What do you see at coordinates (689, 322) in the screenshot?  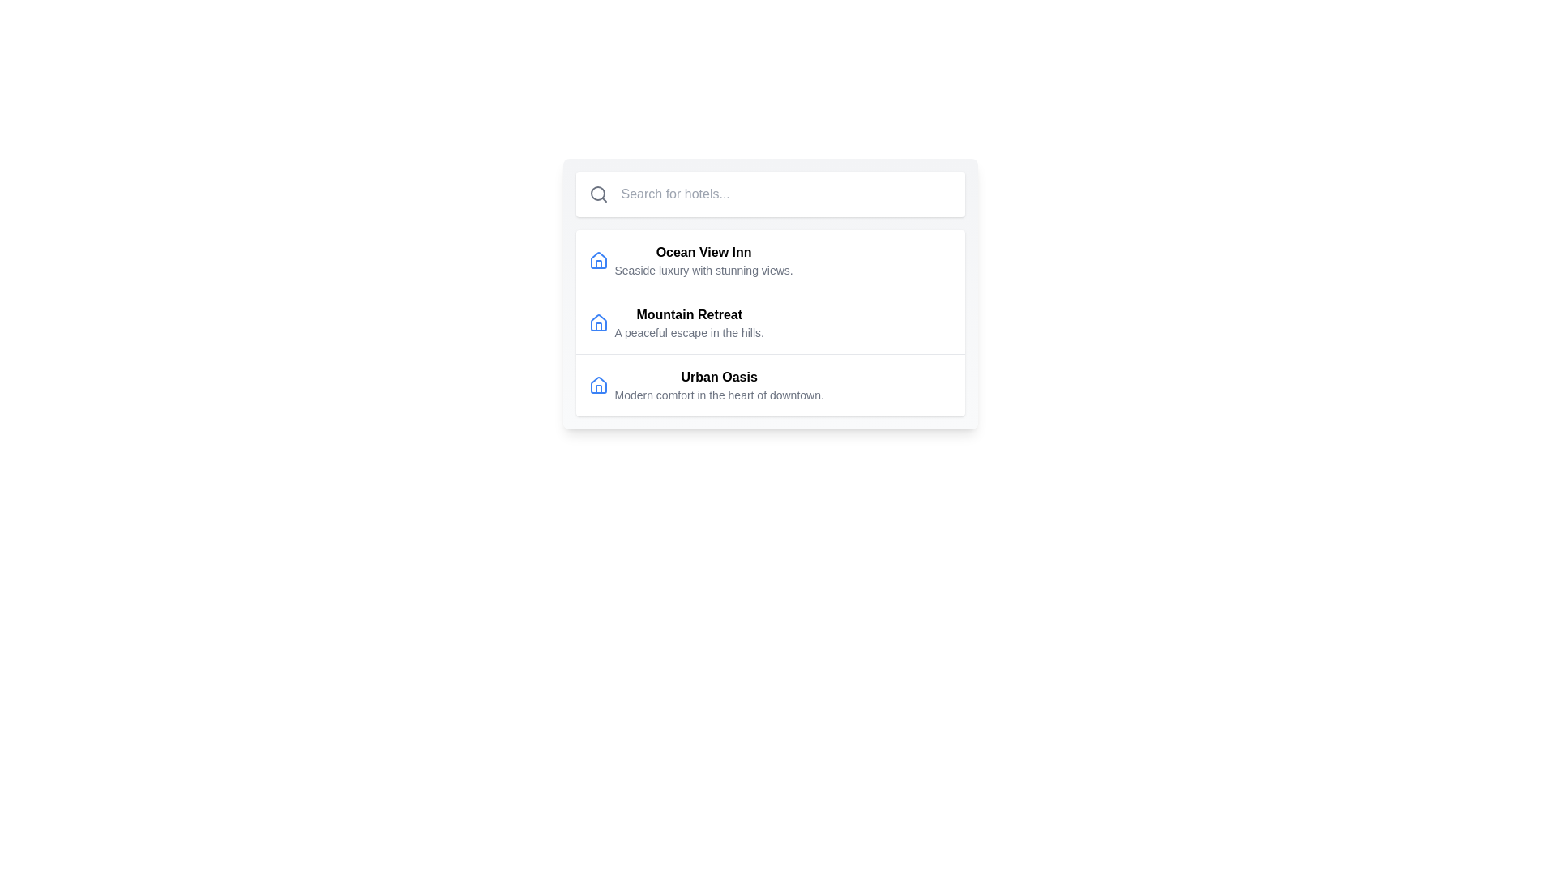 I see `the 'Mountain Retreat' text block, which is the second item in a vertical list and features a bold title and a smaller subtitle` at bounding box center [689, 322].